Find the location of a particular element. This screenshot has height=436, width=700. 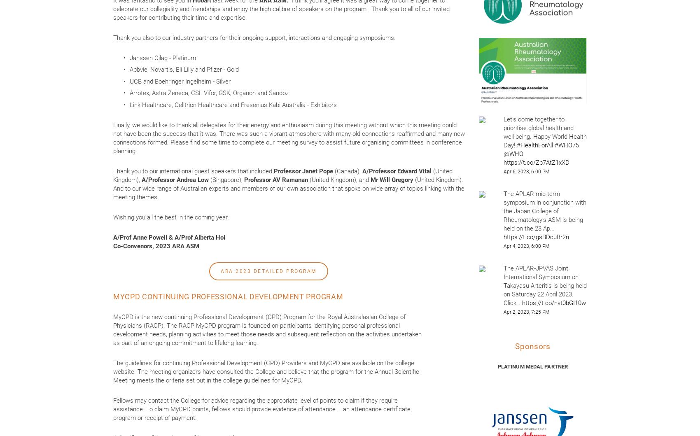

'(United Kingdom).  And to our wide range of Australian experts and members of our own association that spoke on wide array of topics linking with the meeting themes.' is located at coordinates (289, 188).